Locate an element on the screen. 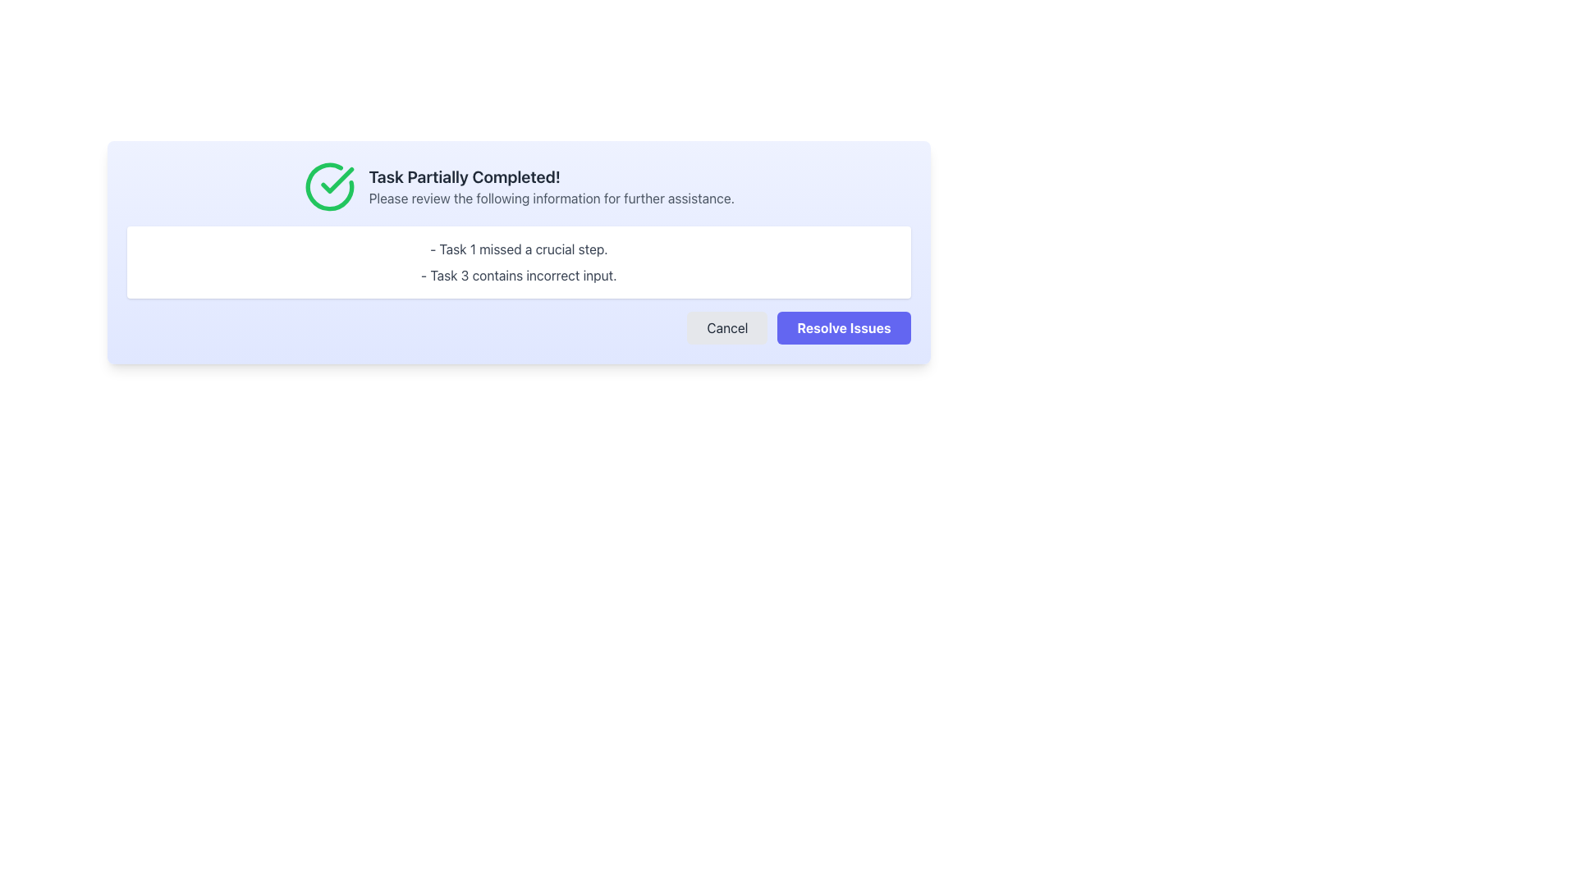 This screenshot has height=886, width=1576. the 'Cancel' button located in the bottom right area of the interface to activate hover effects is located at coordinates (726, 328).